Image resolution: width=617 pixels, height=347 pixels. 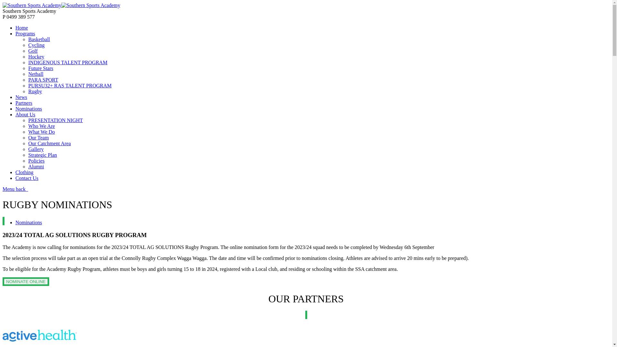 What do you see at coordinates (40, 68) in the screenshot?
I see `'Future Stars'` at bounding box center [40, 68].